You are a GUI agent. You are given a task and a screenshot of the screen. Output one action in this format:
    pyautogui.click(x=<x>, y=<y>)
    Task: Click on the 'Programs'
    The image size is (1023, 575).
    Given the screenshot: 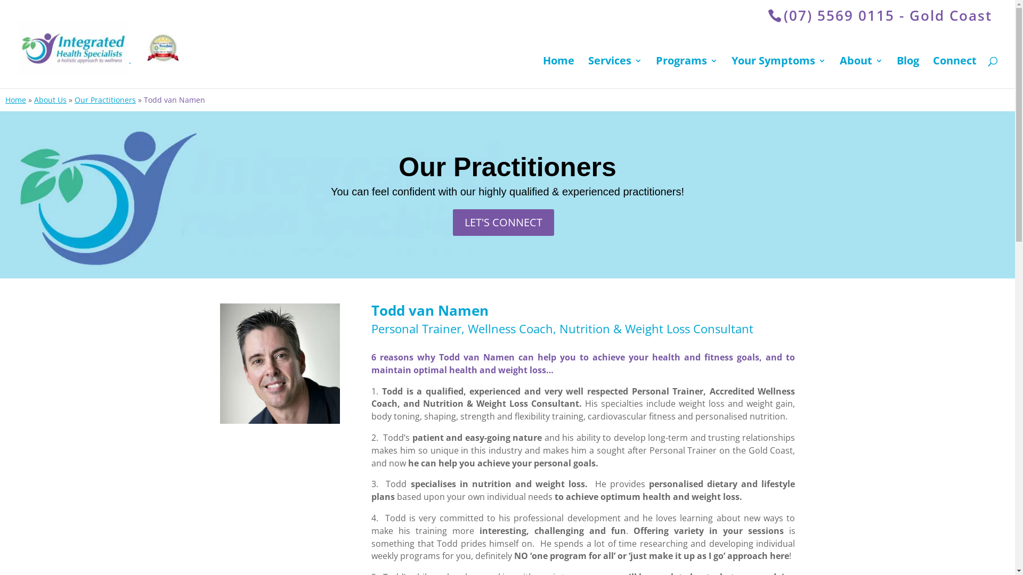 What is the action you would take?
    pyautogui.click(x=655, y=72)
    